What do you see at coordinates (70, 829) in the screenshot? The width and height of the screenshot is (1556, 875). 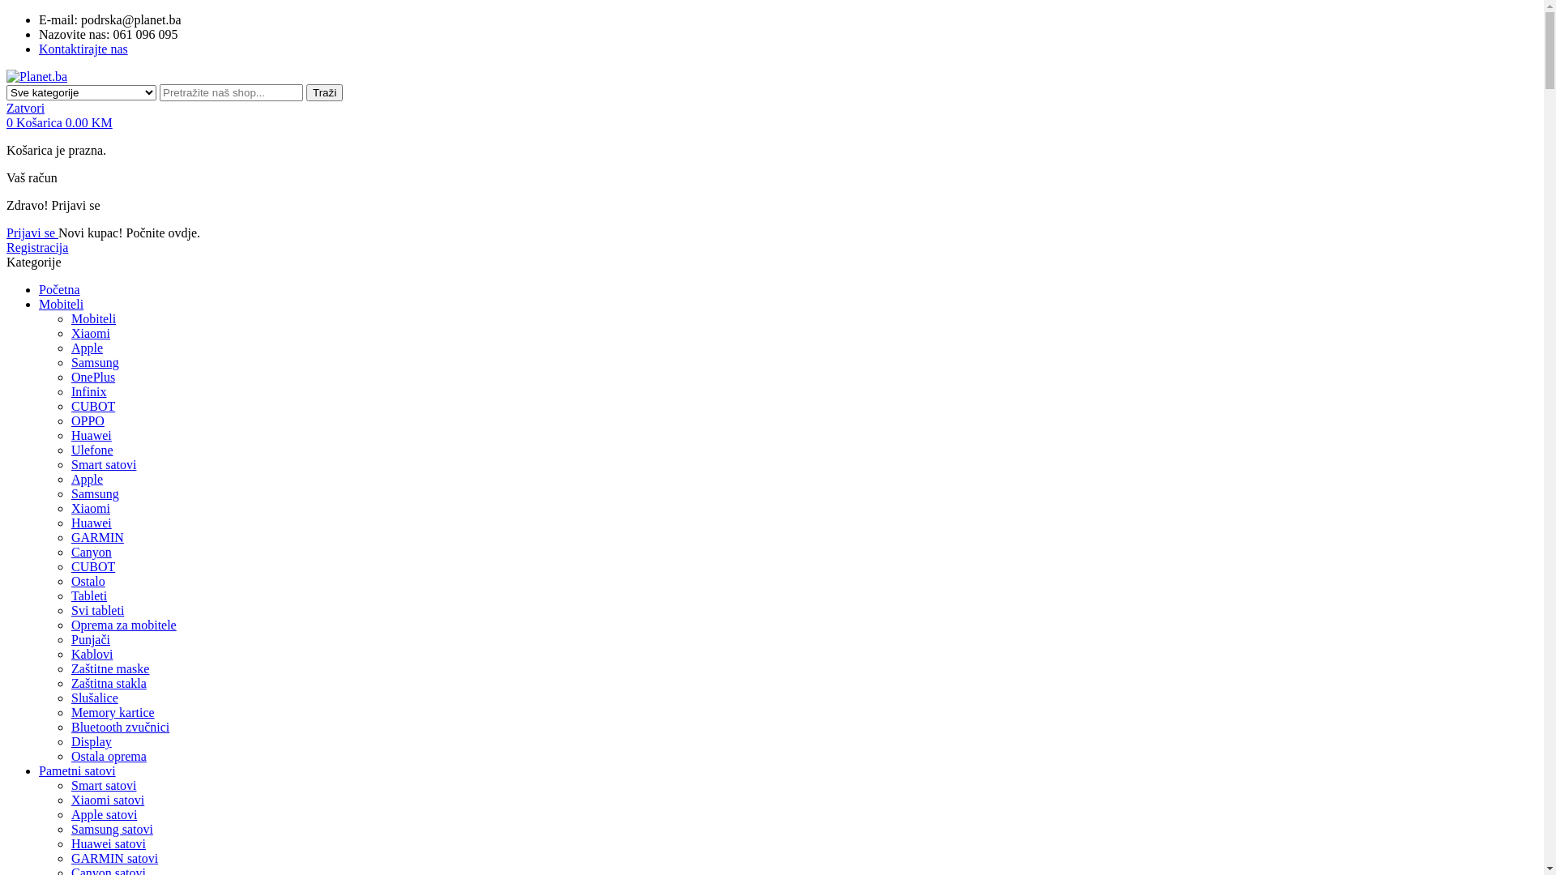 I see `'Samsung satovi'` at bounding box center [70, 829].